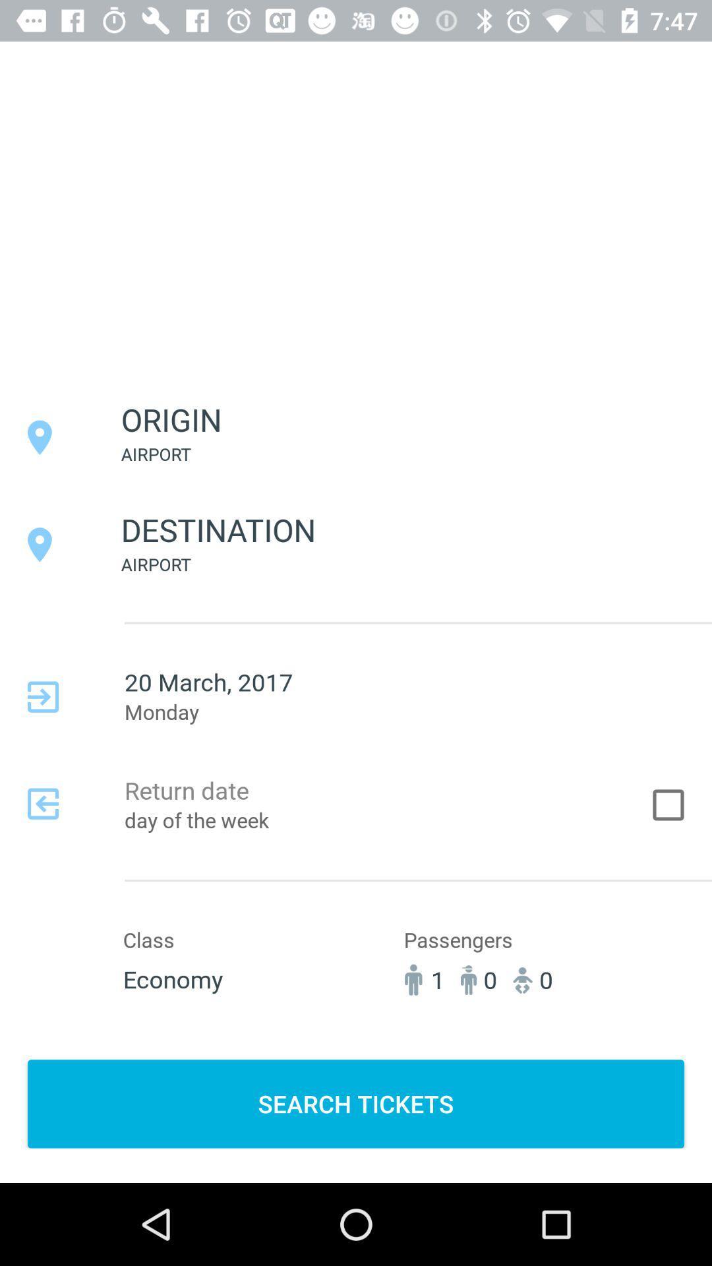 The height and width of the screenshot is (1266, 712). I want to click on the item below 1 item, so click(356, 1104).